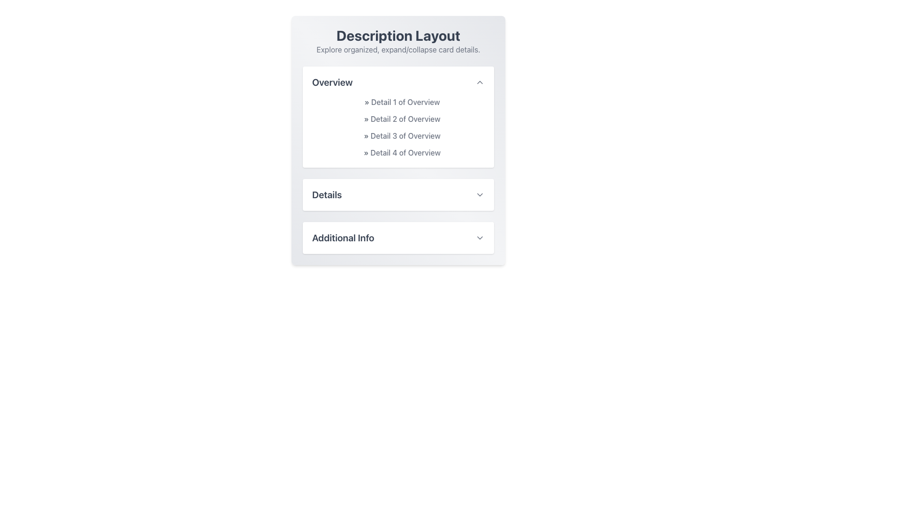 This screenshot has height=506, width=900. What do you see at coordinates (367, 102) in the screenshot?
I see `the Decorative icon located at the left of the text 'Detail 1 of Overview' in the Overview section` at bounding box center [367, 102].